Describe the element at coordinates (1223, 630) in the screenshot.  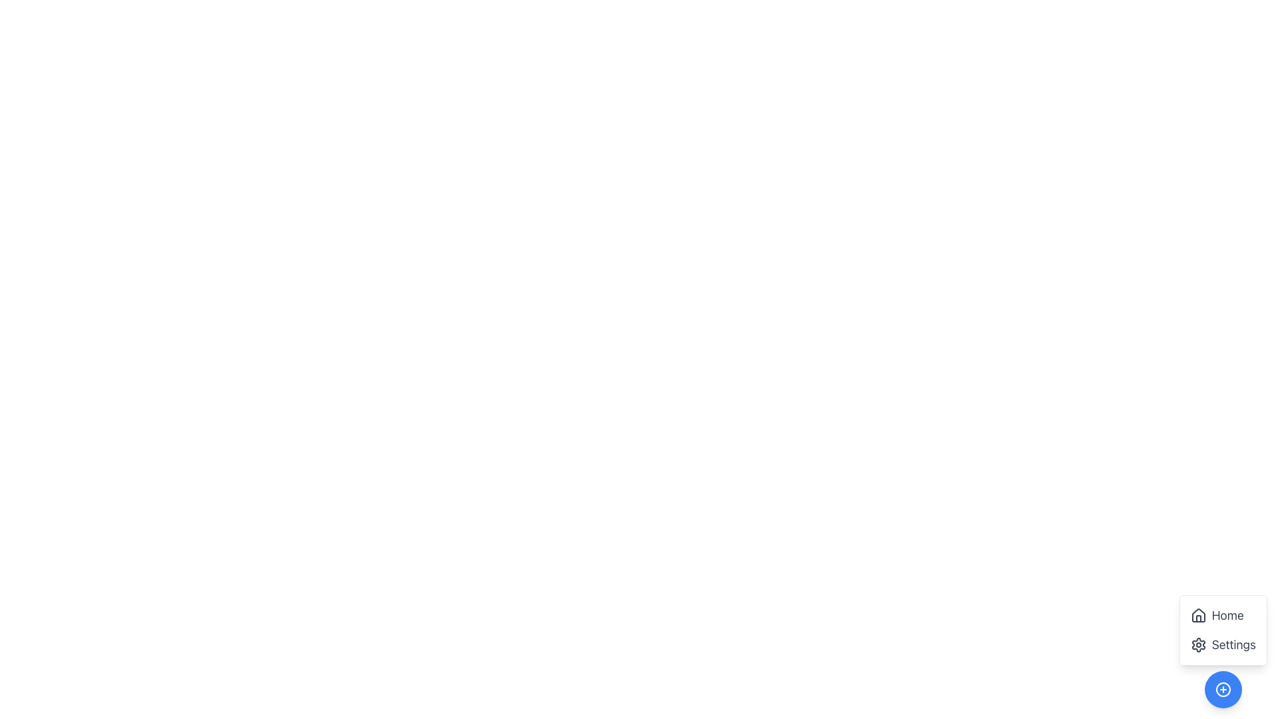
I see `the 'Home' button in the bottom-right corner of the floating navigation panel` at that location.